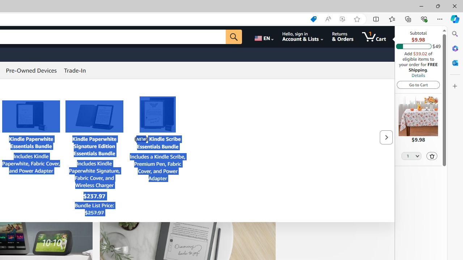 This screenshot has height=260, width=463. Describe the element at coordinates (303, 36) in the screenshot. I see `'Hello, sign in Account & Lists'` at that location.